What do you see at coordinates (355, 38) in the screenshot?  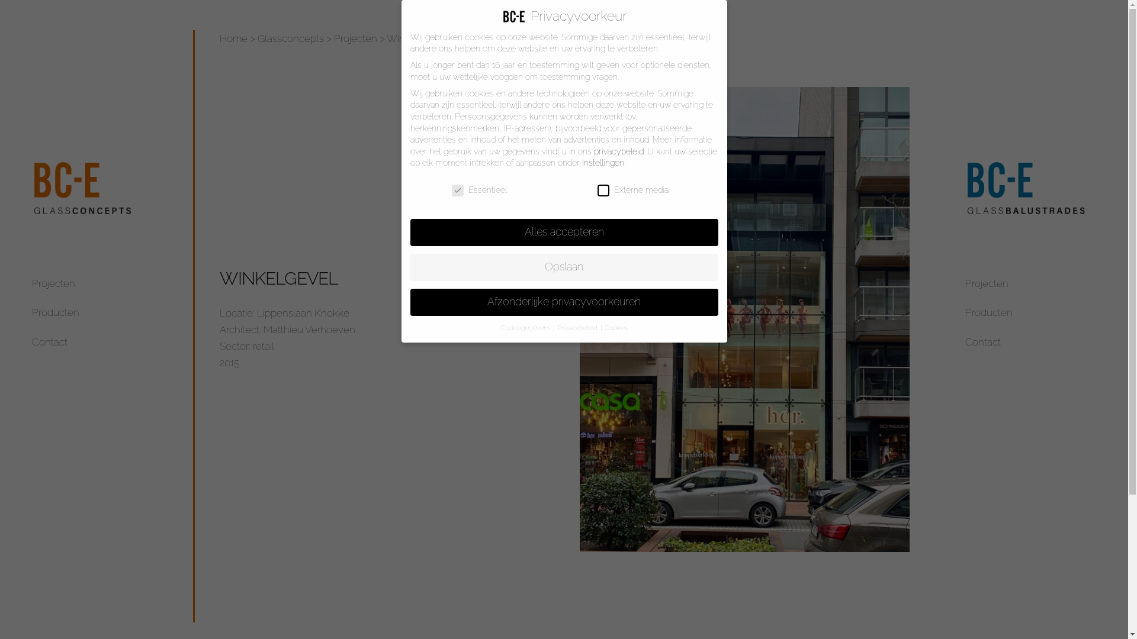 I see `'Projecten'` at bounding box center [355, 38].